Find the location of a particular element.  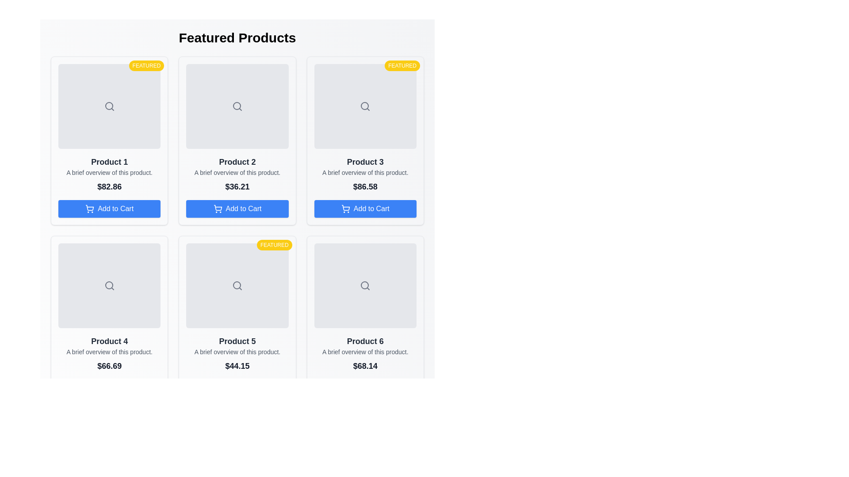

the text block displaying 'A brief overview of this product.' located in the product card for 'Product 4' is located at coordinates (109, 352).